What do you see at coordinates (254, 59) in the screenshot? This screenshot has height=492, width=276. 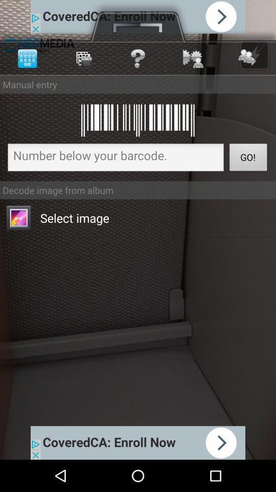 I see `the arrow_forward icon` at bounding box center [254, 59].